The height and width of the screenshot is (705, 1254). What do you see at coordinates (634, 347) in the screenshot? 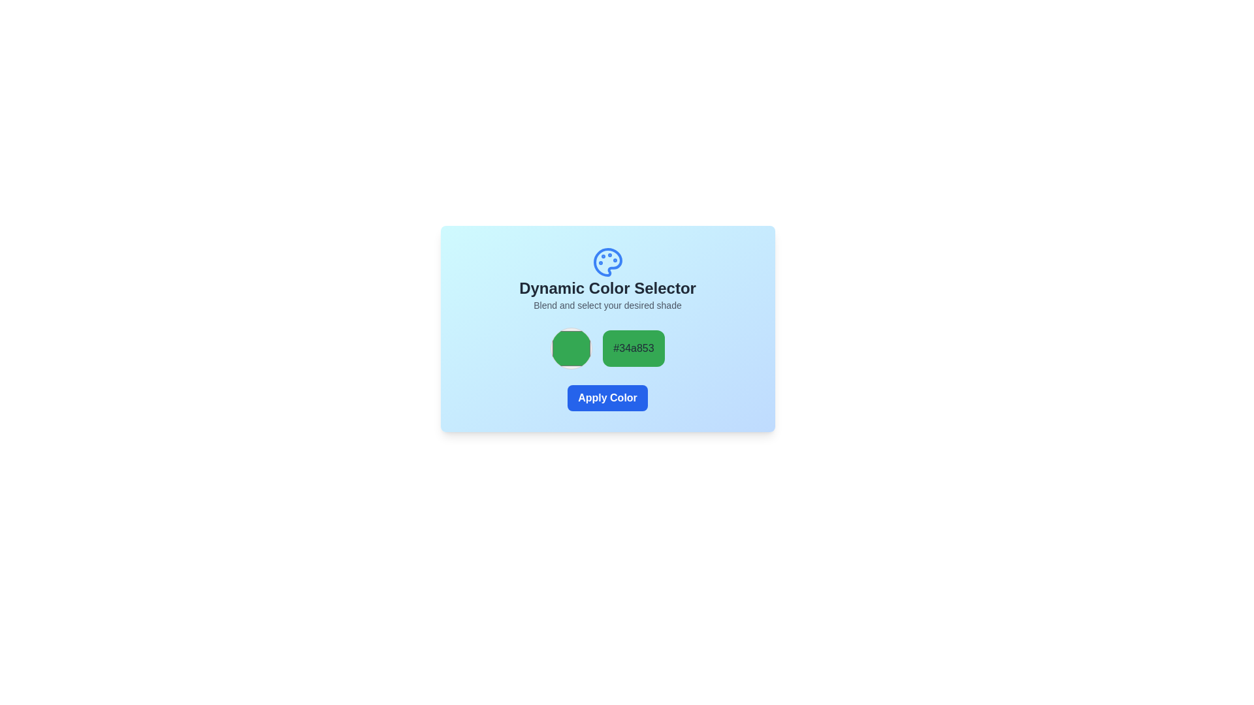
I see `the text label displaying the color hex code '#34a853', which is located to the right of a green octagonal shape within a green rectangular area` at bounding box center [634, 347].